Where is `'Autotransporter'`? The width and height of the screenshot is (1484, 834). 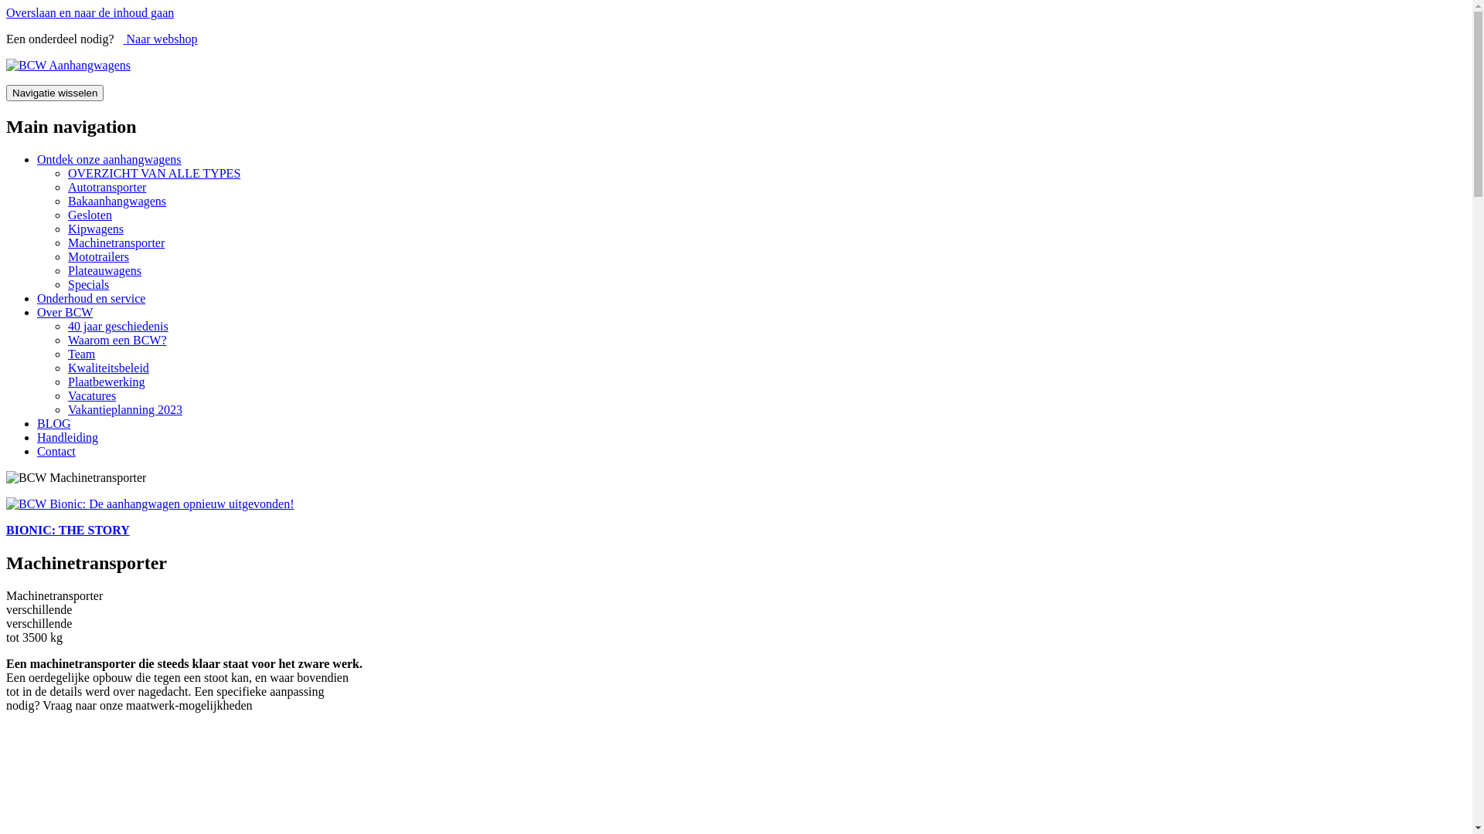 'Autotransporter' is located at coordinates (106, 186).